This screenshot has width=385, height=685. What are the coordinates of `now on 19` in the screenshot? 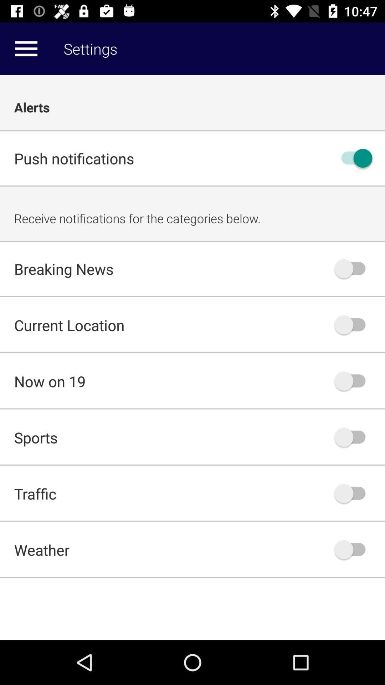 It's located at (353, 381).